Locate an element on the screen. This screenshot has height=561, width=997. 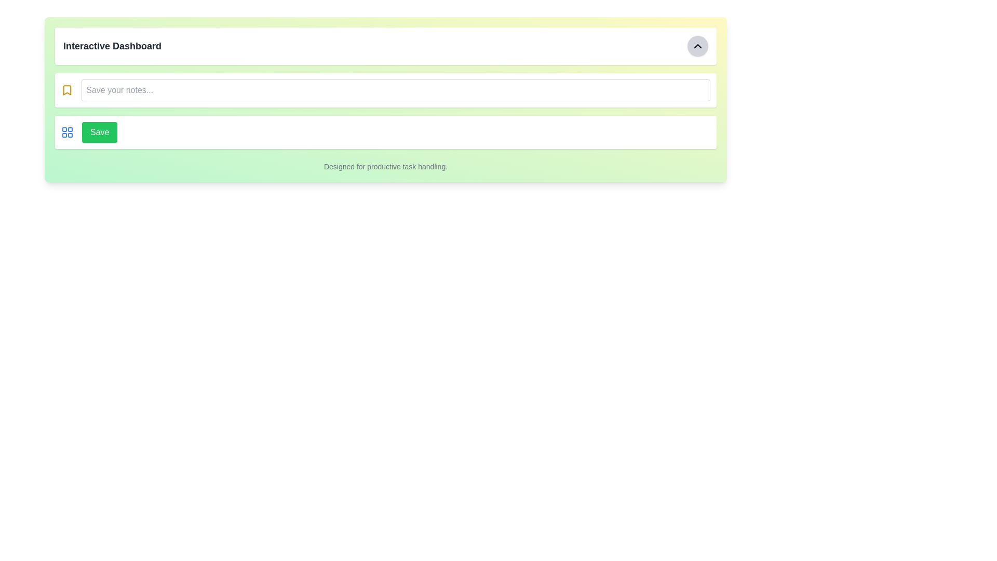
the toggle button in the top-right corner of the 'Interactive Dashboard' is located at coordinates (698, 45).